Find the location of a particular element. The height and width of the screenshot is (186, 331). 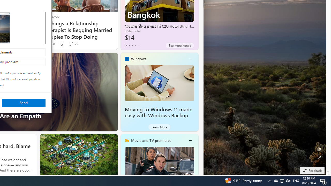

'tab-3' is located at coordinates (136, 45).